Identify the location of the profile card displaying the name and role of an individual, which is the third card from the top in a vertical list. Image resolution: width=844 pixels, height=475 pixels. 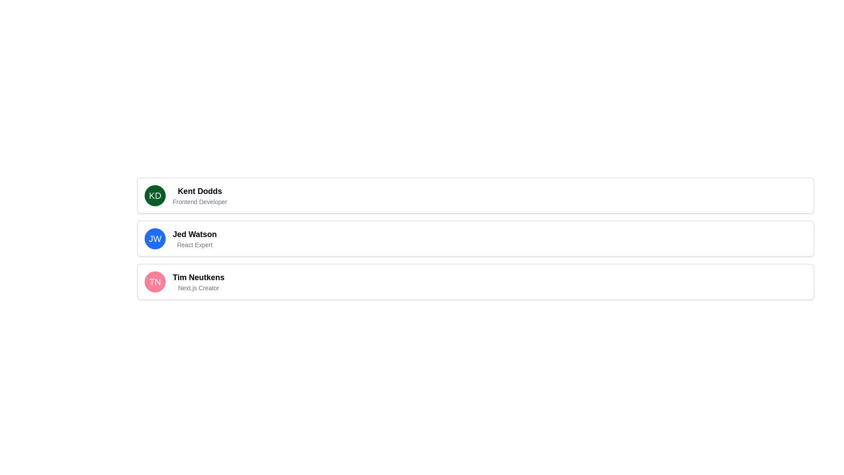
(475, 281).